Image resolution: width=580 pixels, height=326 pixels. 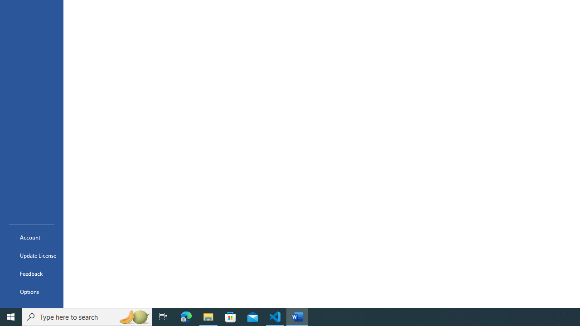 What do you see at coordinates (31, 273) in the screenshot?
I see `'Feedback'` at bounding box center [31, 273].